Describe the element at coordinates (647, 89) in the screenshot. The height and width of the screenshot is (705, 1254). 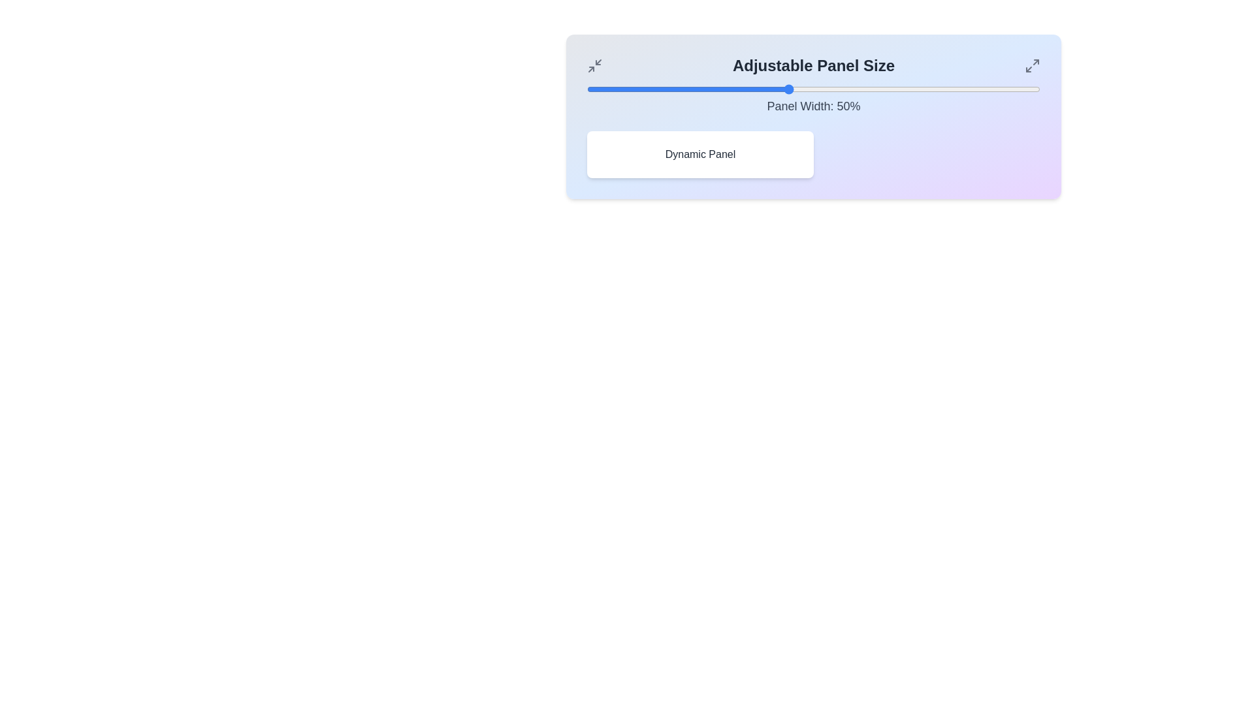
I see `the panel width` at that location.